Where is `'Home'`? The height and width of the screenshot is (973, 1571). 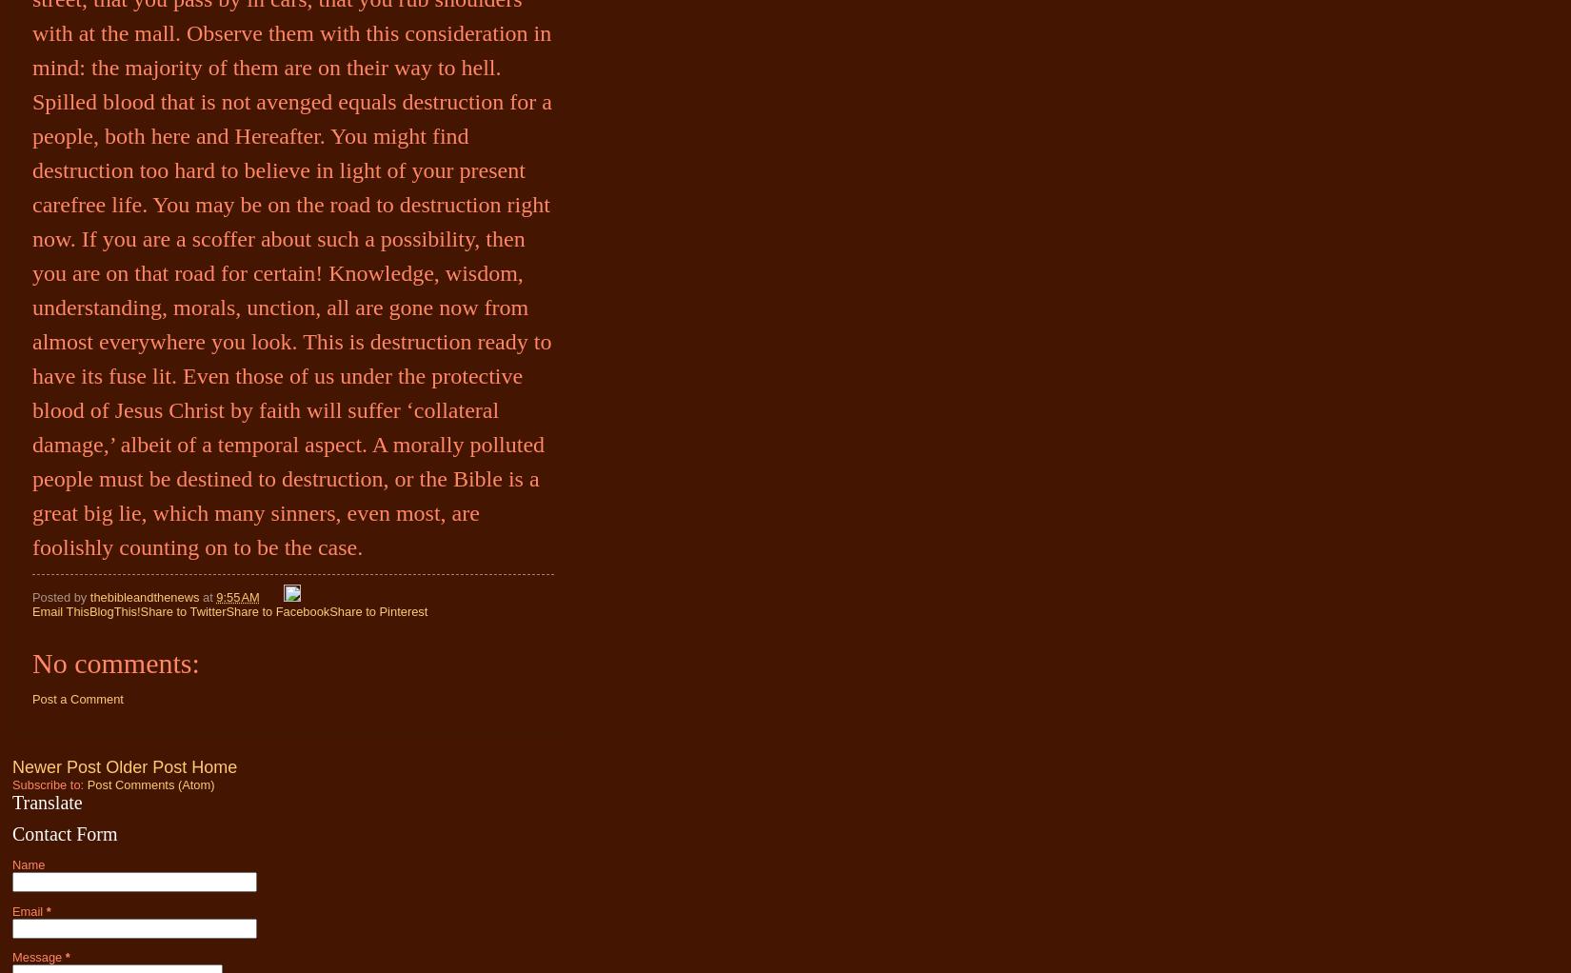
'Home' is located at coordinates (214, 765).